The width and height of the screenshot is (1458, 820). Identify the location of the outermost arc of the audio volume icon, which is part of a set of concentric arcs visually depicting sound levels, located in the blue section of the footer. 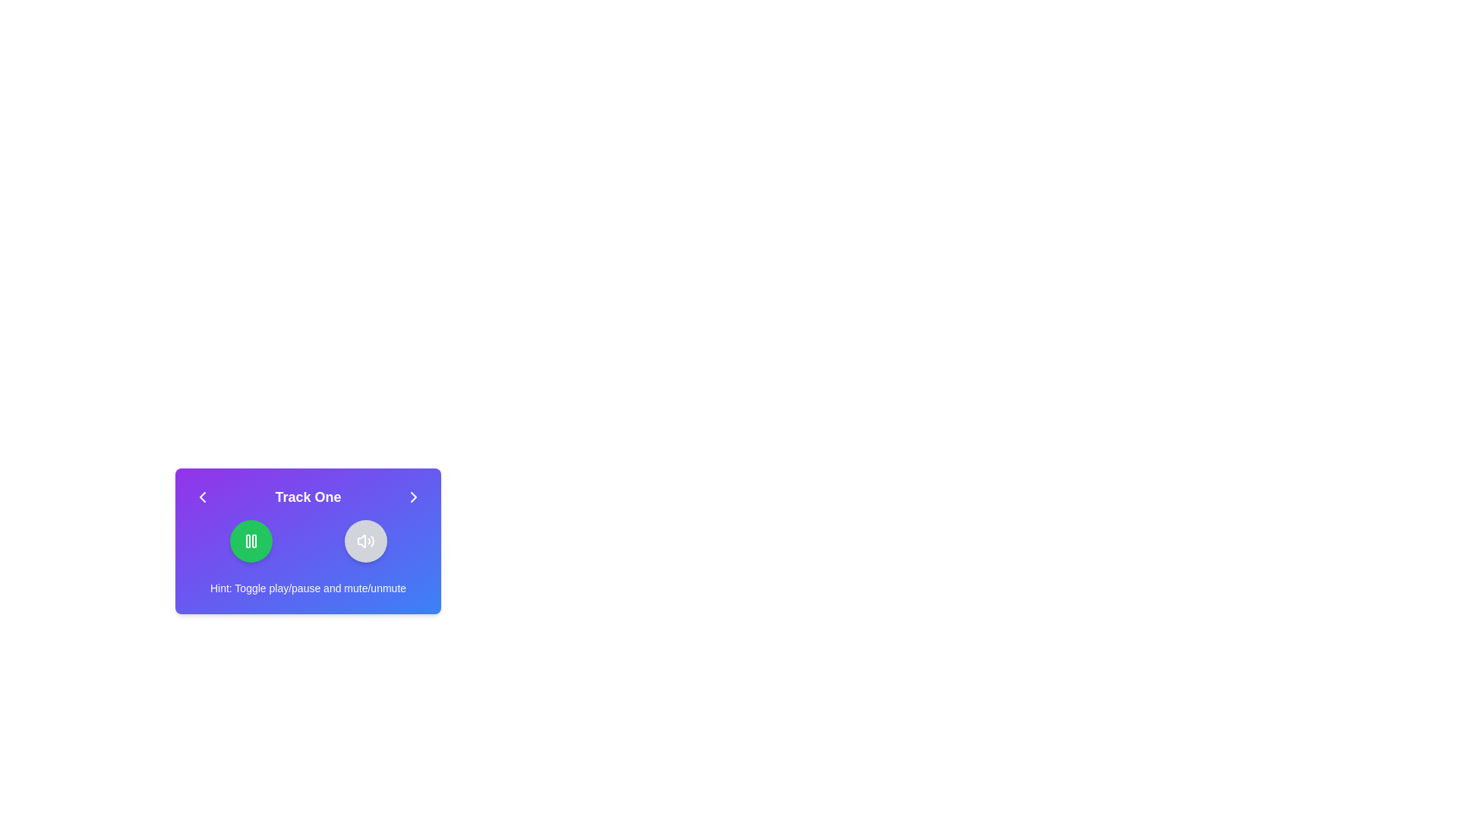
(372, 541).